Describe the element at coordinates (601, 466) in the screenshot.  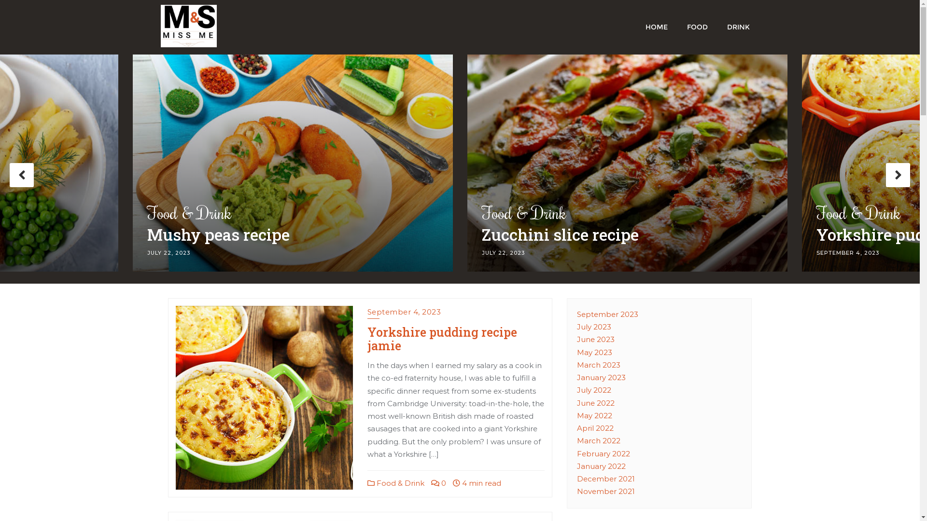
I see `'January 2022'` at that location.